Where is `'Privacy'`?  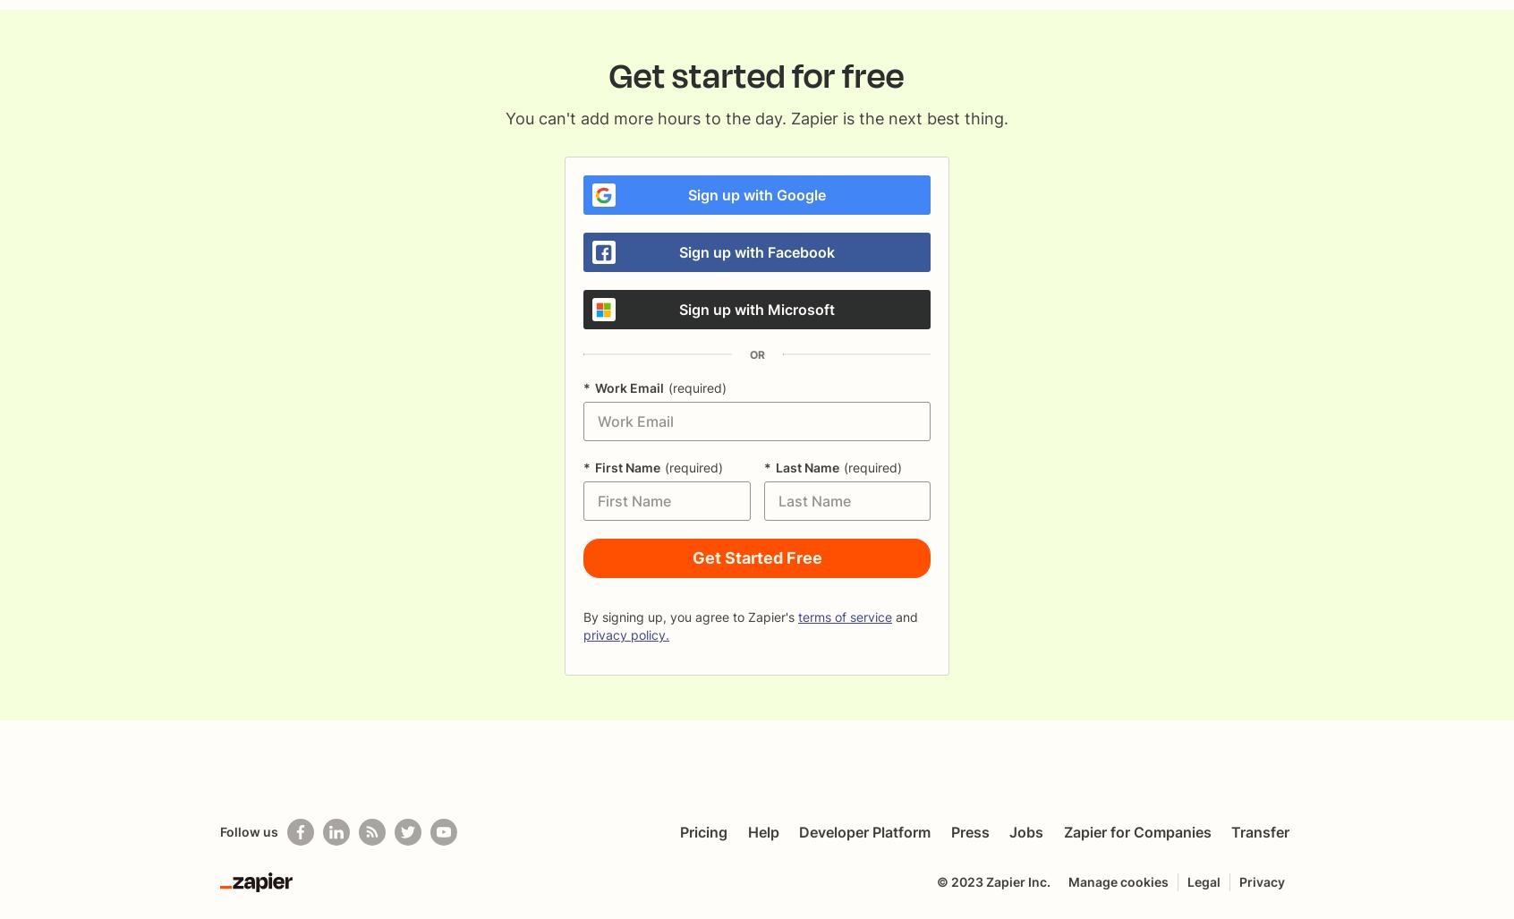
'Privacy' is located at coordinates (1262, 881).